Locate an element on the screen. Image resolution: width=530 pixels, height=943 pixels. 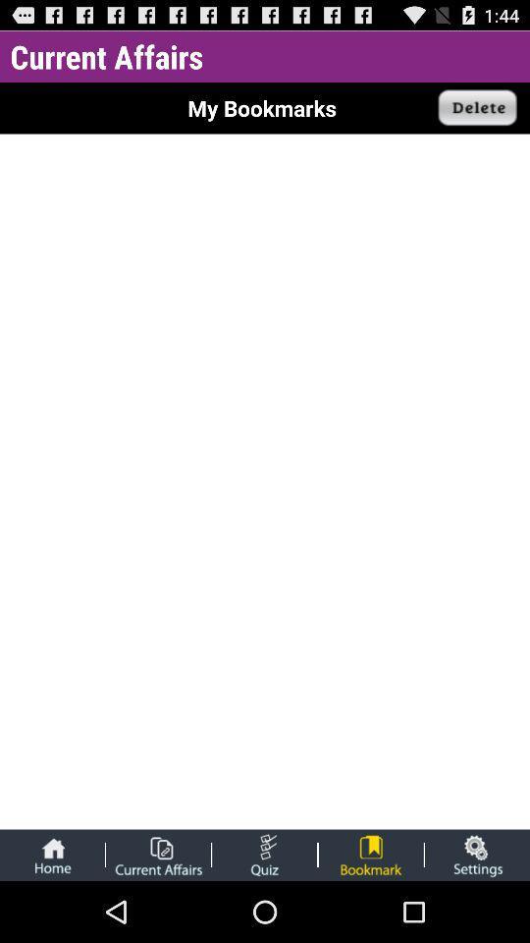
the mark the history is located at coordinates (371, 854).